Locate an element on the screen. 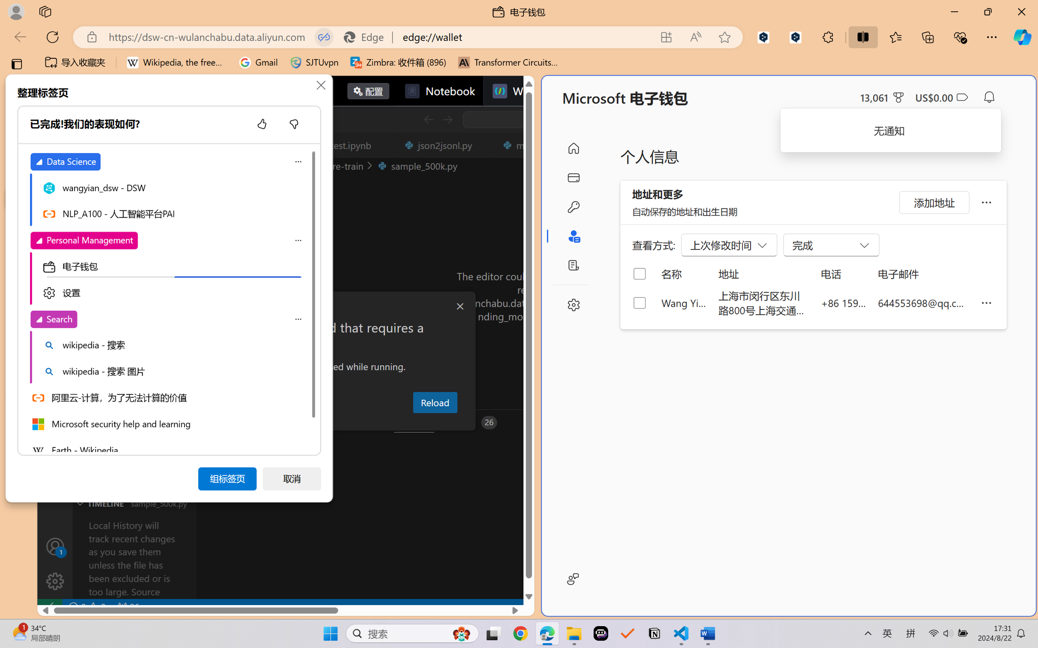 The width and height of the screenshot is (1038, 648). 'Reload' is located at coordinates (435, 402).